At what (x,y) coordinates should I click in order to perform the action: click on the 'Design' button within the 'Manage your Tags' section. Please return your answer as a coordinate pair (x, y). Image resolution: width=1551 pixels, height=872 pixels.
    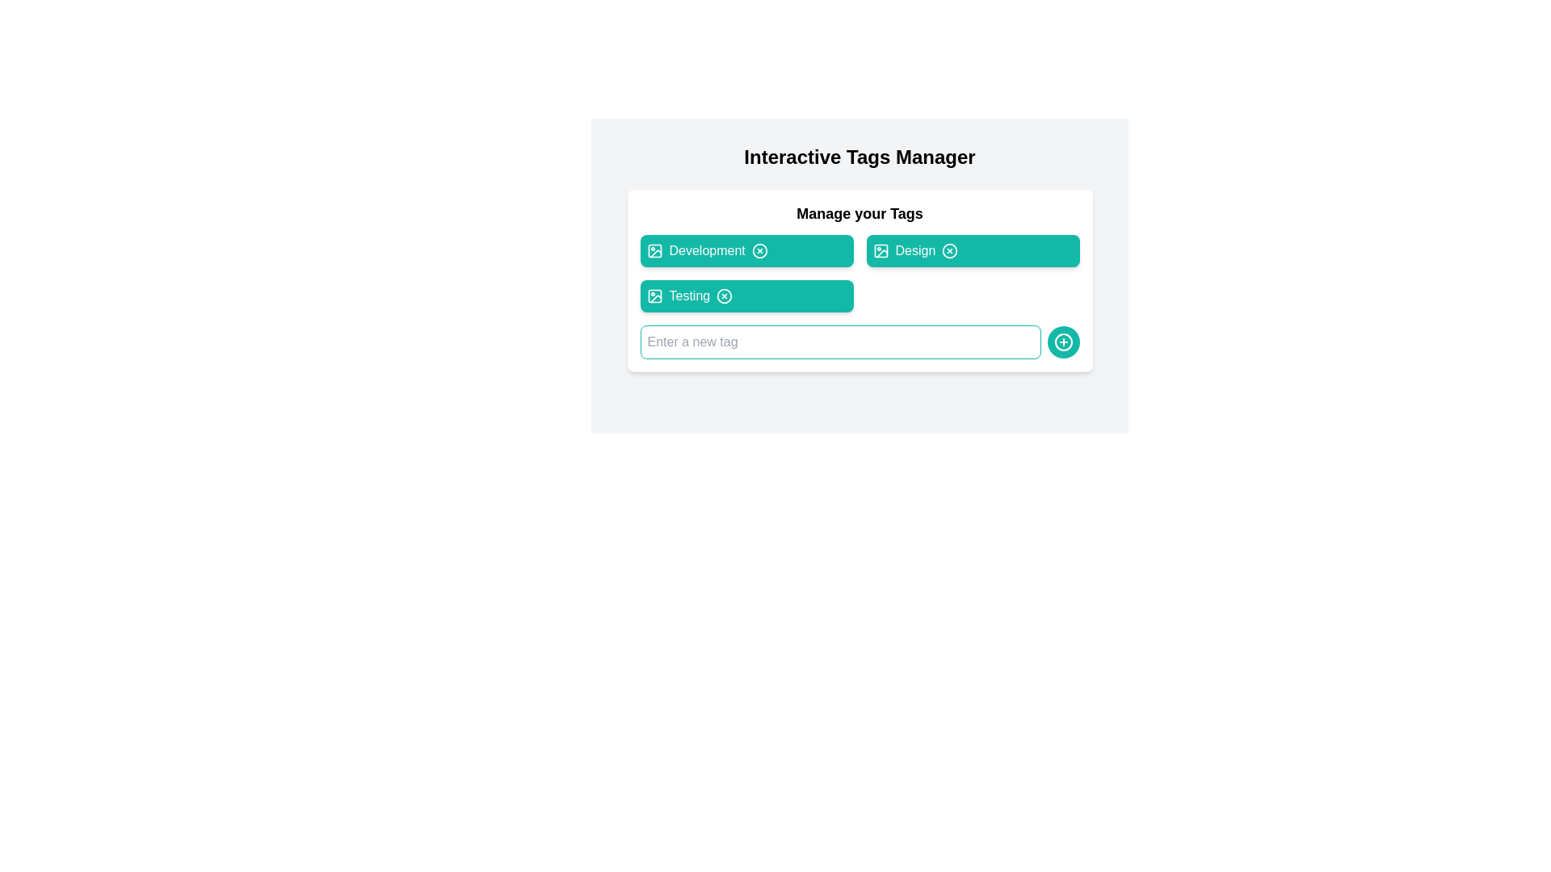
    Looking at the image, I should click on (972, 251).